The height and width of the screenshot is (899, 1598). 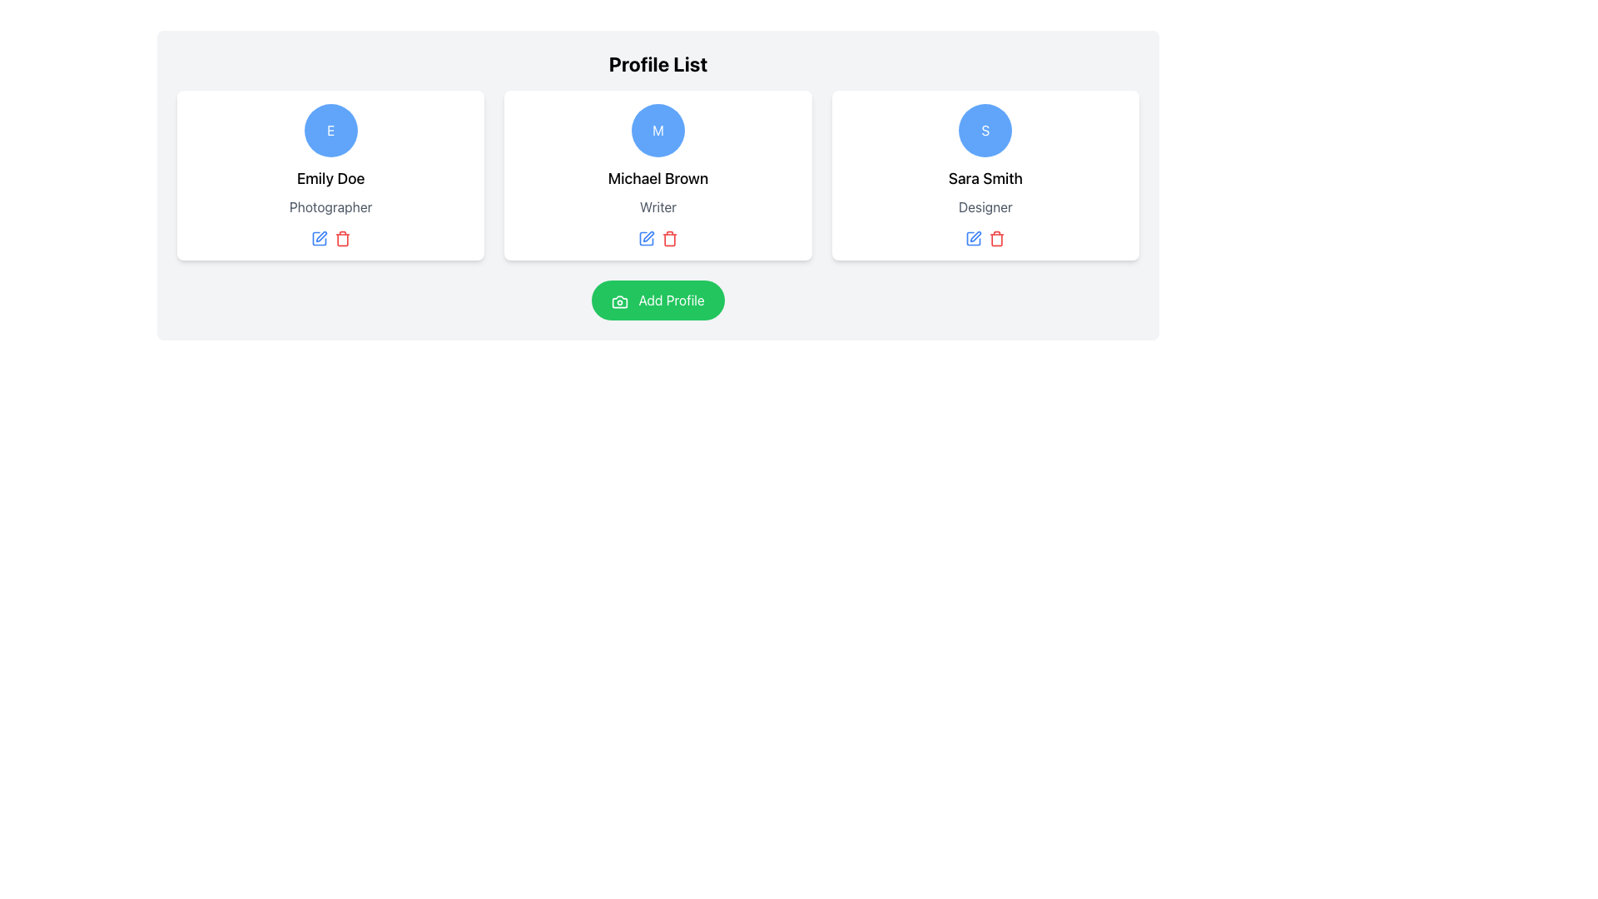 What do you see at coordinates (341, 240) in the screenshot?
I see `the red trash can icon button located at the bottom-right corner of the 'Emily Doe' profile card` at bounding box center [341, 240].